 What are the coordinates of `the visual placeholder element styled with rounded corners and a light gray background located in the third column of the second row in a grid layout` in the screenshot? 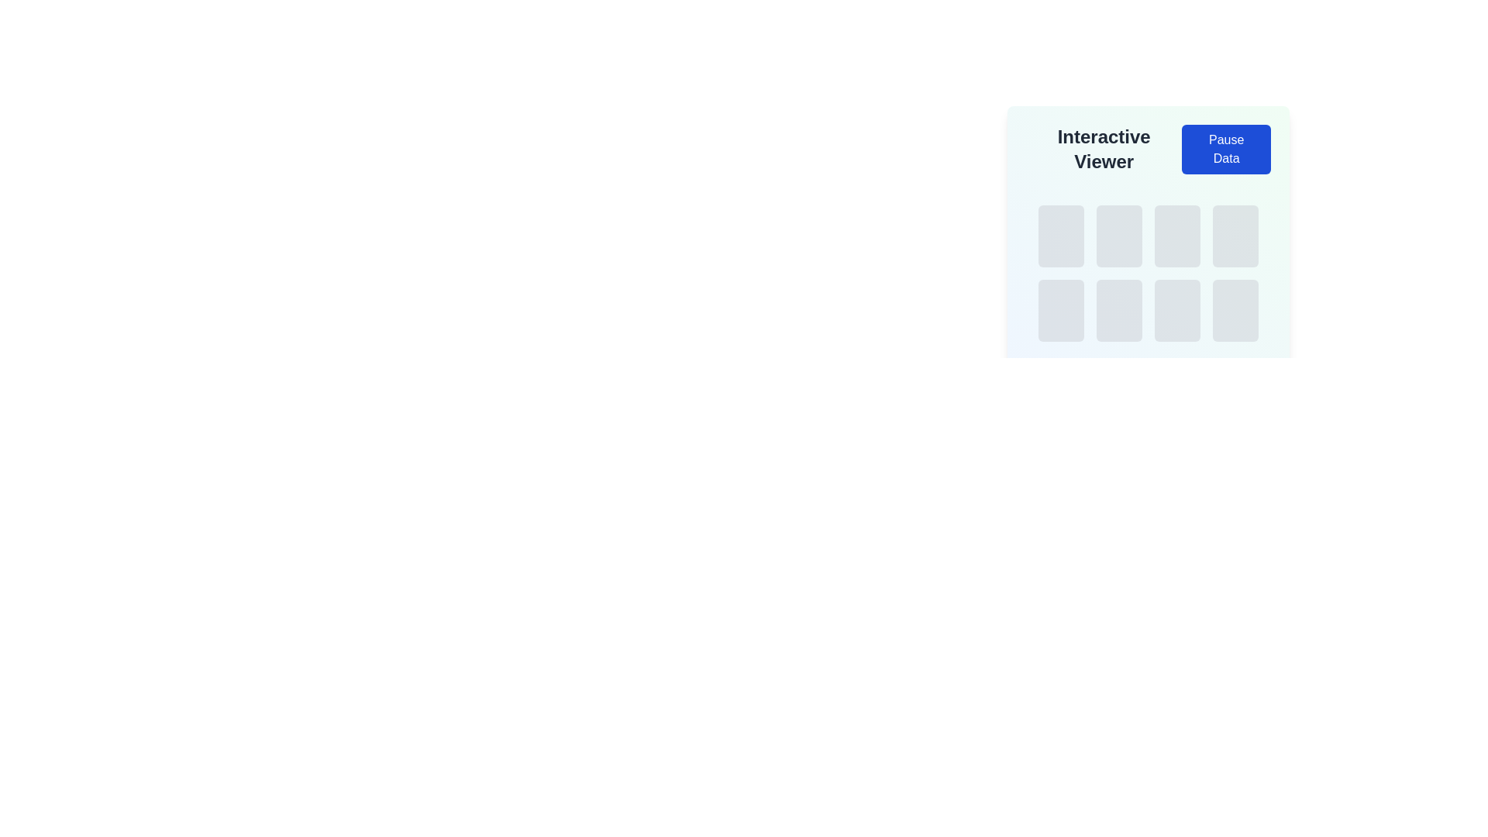 It's located at (1177, 311).